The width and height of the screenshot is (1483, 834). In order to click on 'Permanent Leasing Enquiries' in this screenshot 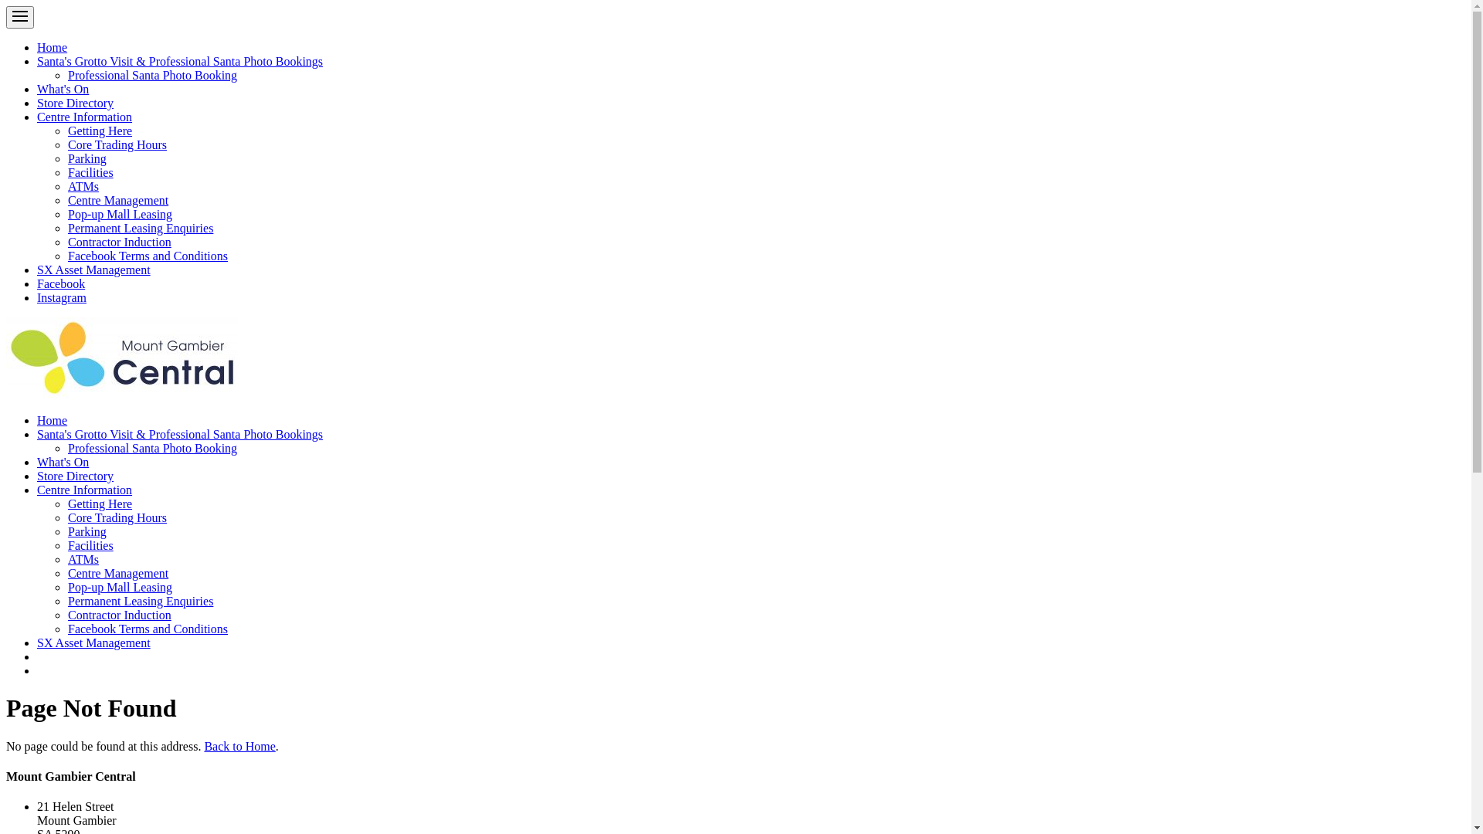, I will do `click(141, 228)`.